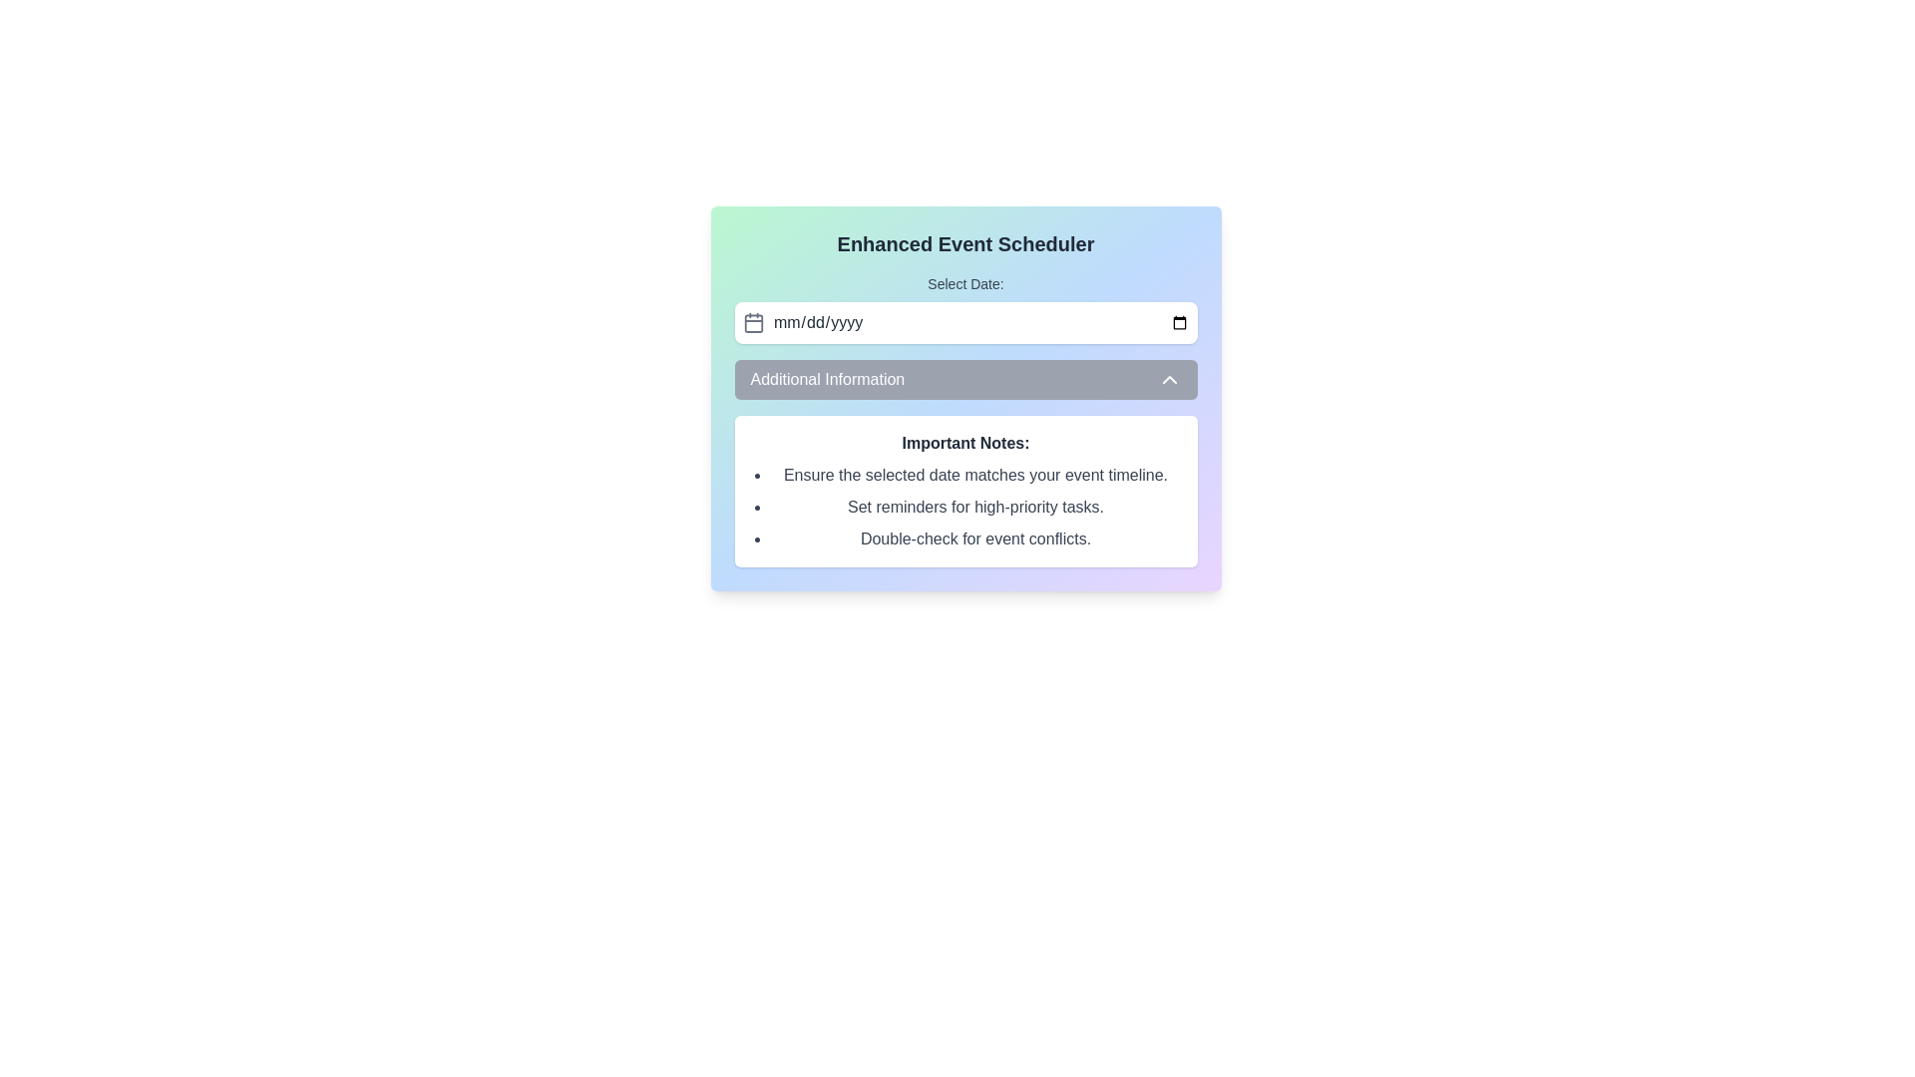 The height and width of the screenshot is (1077, 1915). I want to click on the Text Label that serves as a descriptive identifier for its containing button, located near the upper-middle section of the interface, left of an arrow icon, so click(827, 380).